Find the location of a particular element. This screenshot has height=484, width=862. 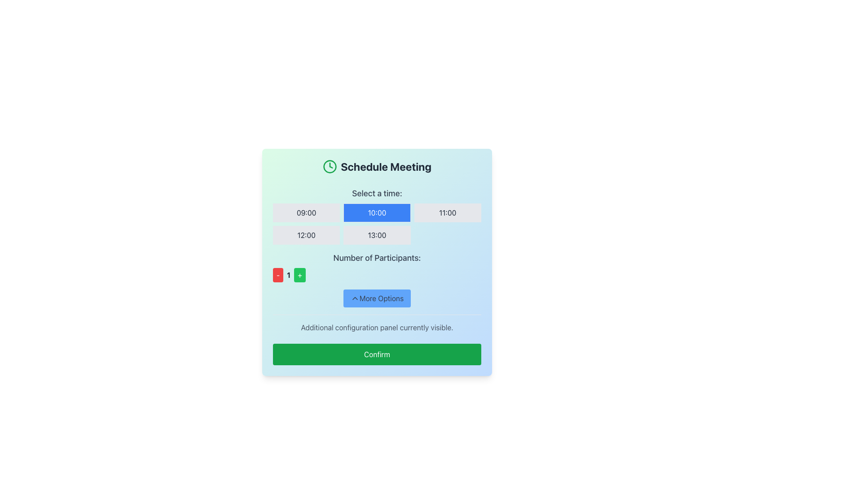

the circular icon component that represents part of the clock design, located to the left of the 'Schedule Meeting' heading is located at coordinates (330, 166).